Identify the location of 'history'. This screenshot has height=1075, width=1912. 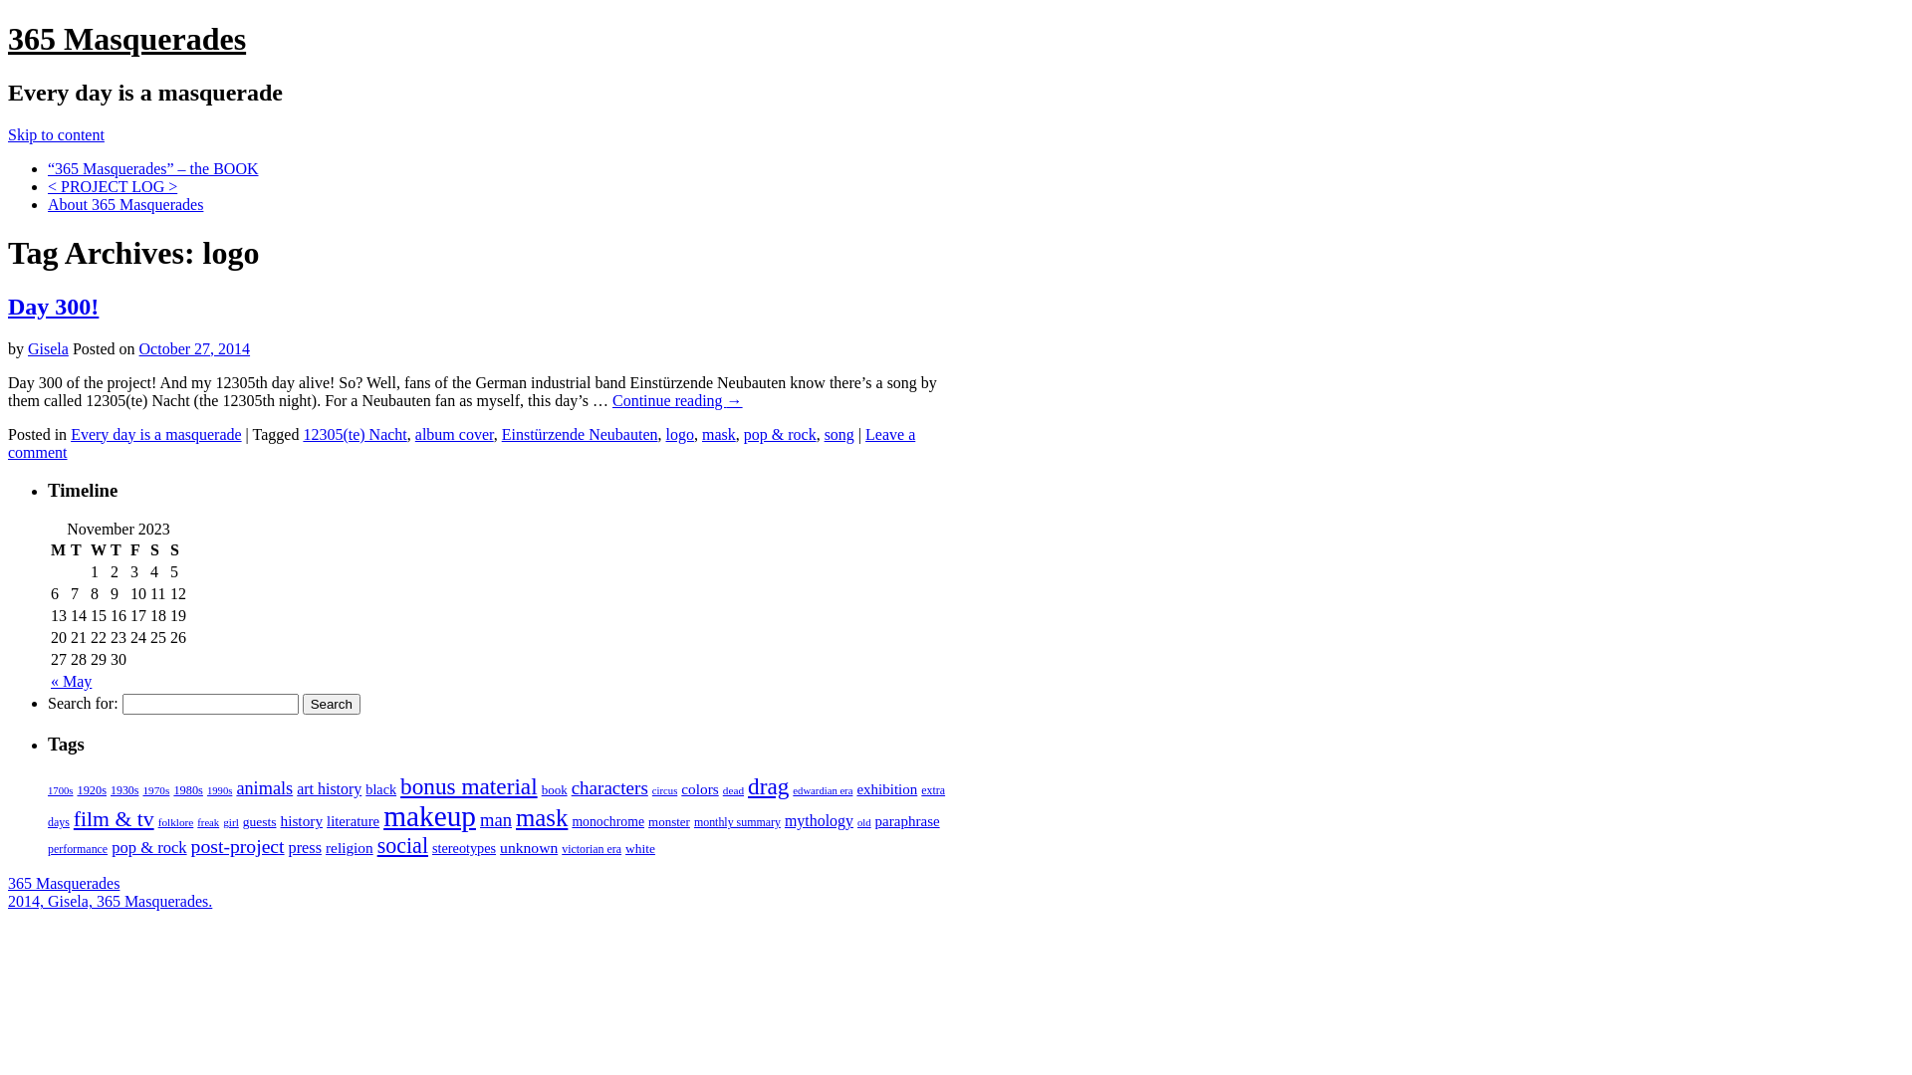
(300, 820).